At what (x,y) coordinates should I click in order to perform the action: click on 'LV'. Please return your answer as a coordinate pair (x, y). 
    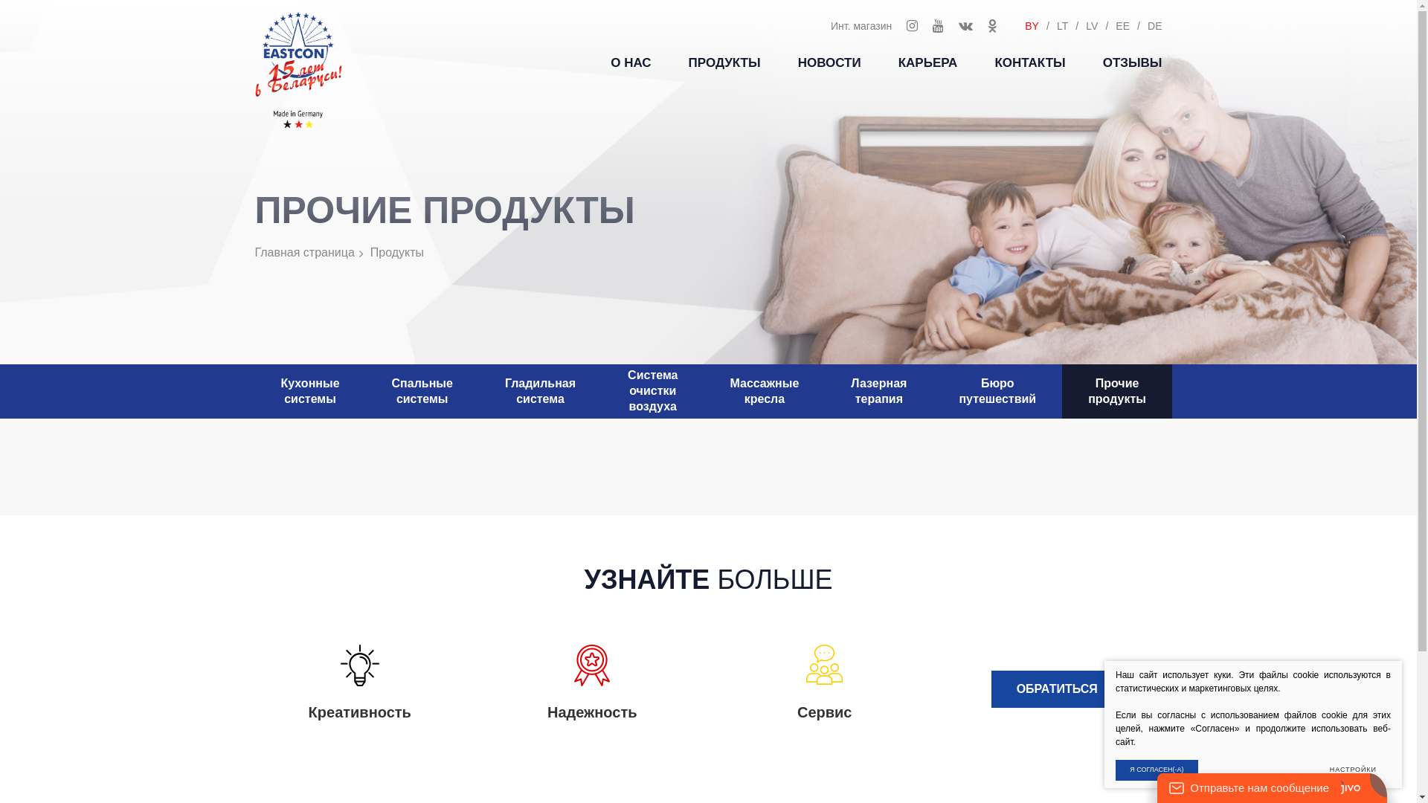
    Looking at the image, I should click on (1092, 26).